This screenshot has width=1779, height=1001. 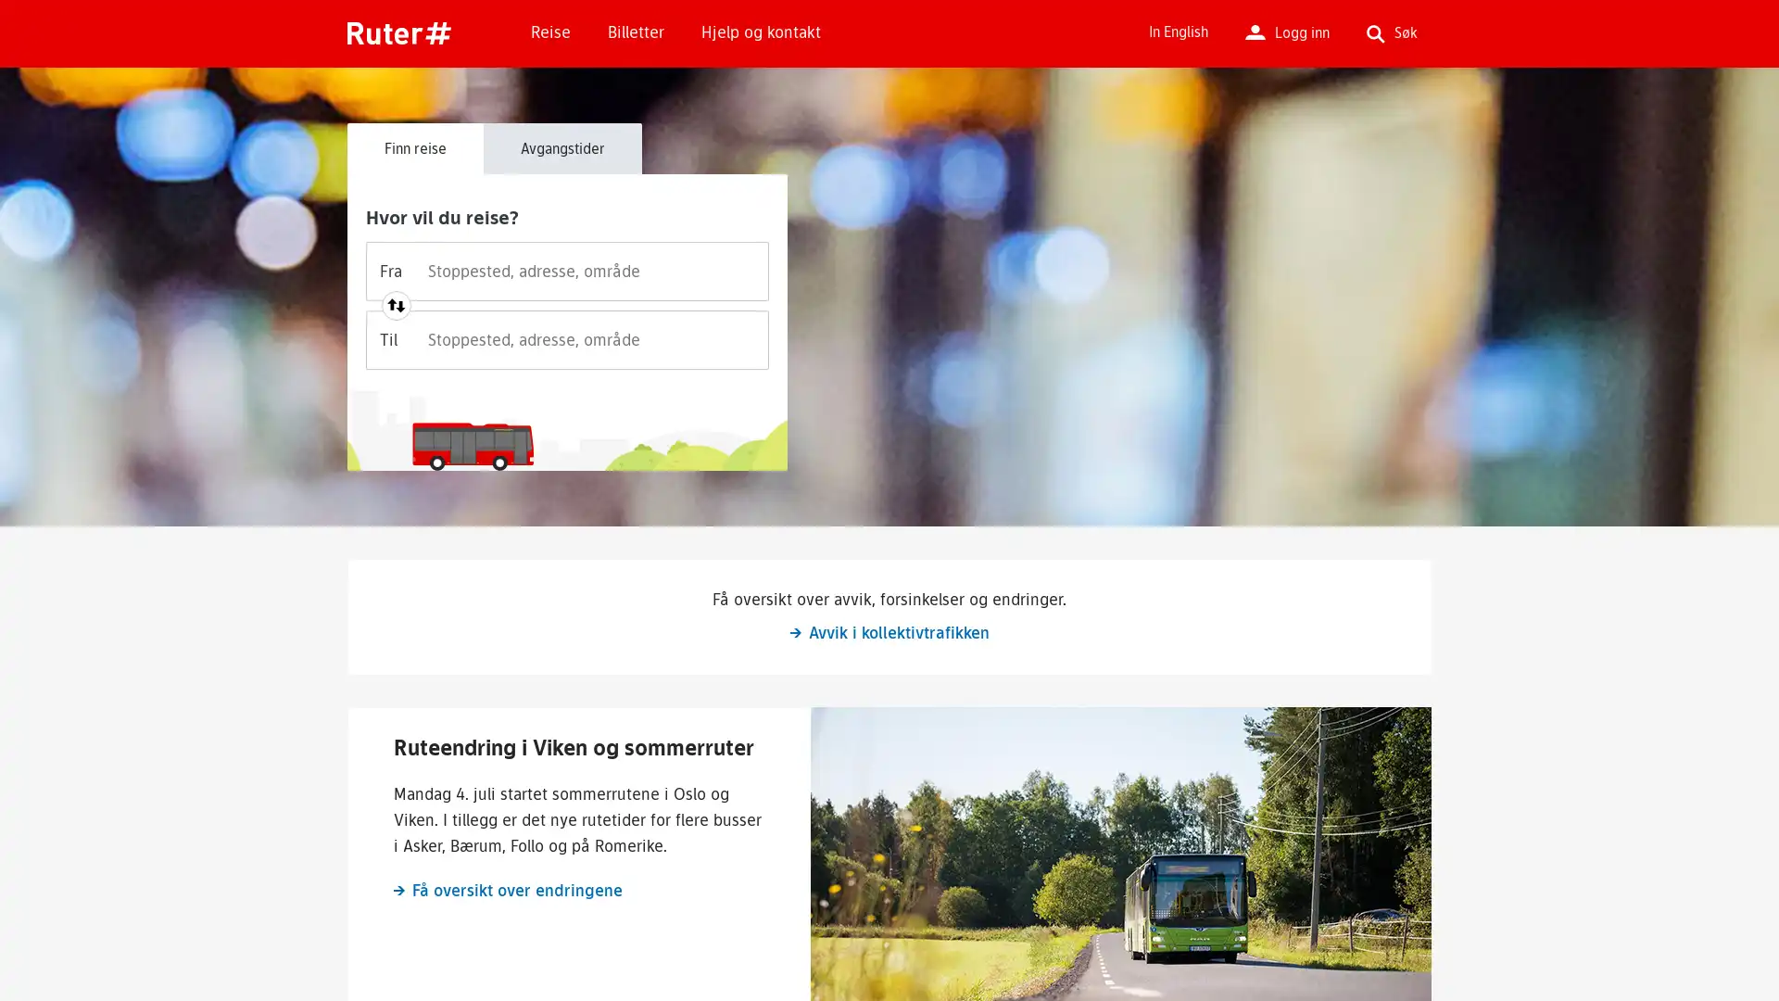 I want to click on Avgangstider, so click(x=561, y=146).